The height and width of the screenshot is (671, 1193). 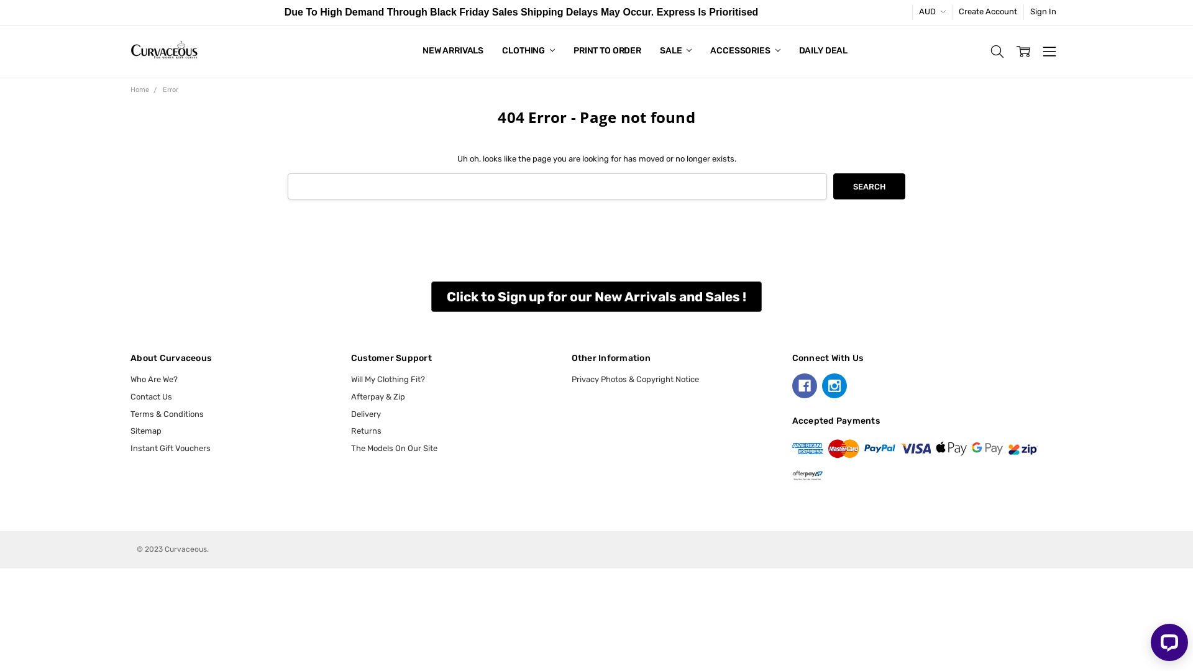 I want to click on 'The Models On Our Site', so click(x=350, y=448).